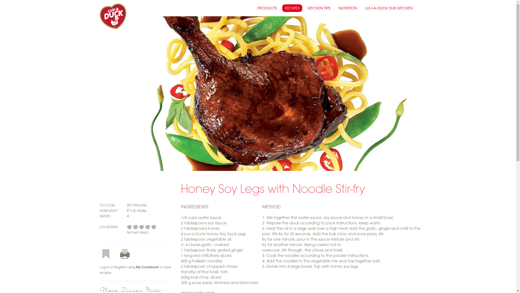 This screenshot has height=293, width=520. I want to click on 'Print this recipe', so click(118, 253).